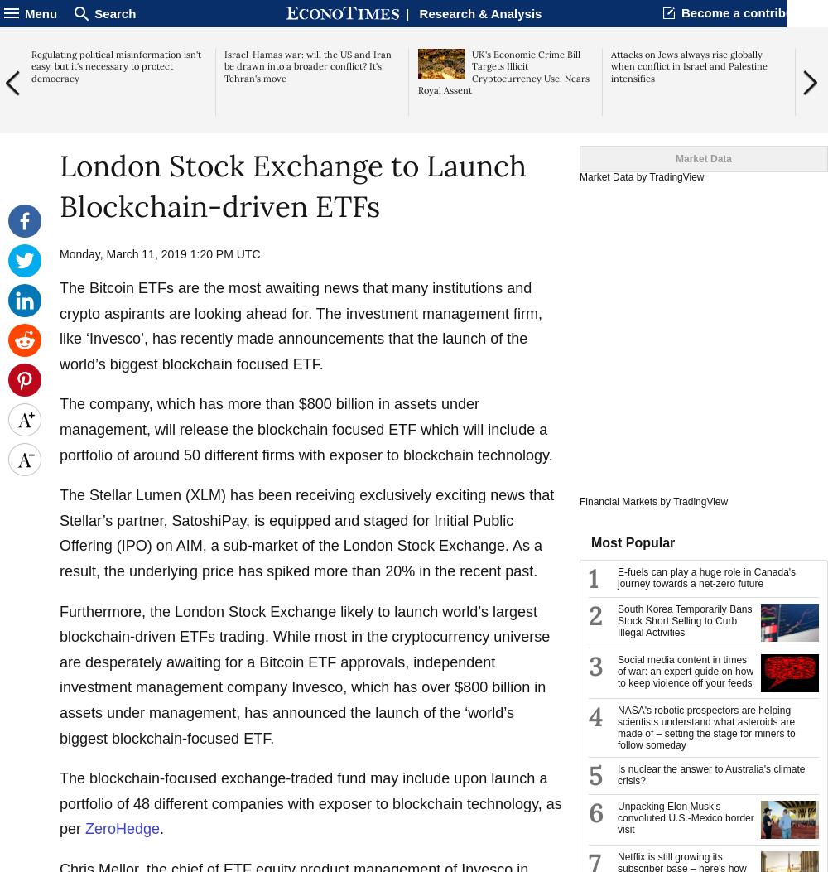 The image size is (828, 872). What do you see at coordinates (407, 13) in the screenshot?
I see `'|'` at bounding box center [407, 13].